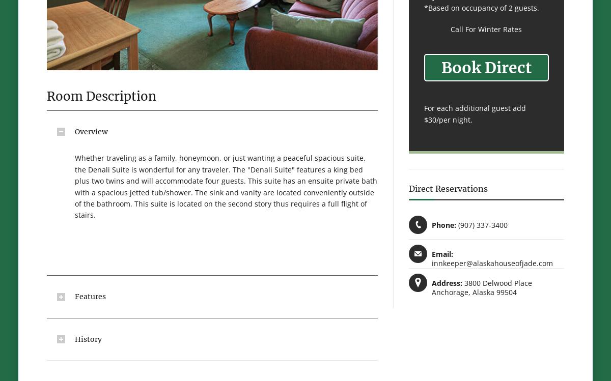  What do you see at coordinates (424, 7) in the screenshot?
I see `'*Based on occupancy of 2 guests.'` at bounding box center [424, 7].